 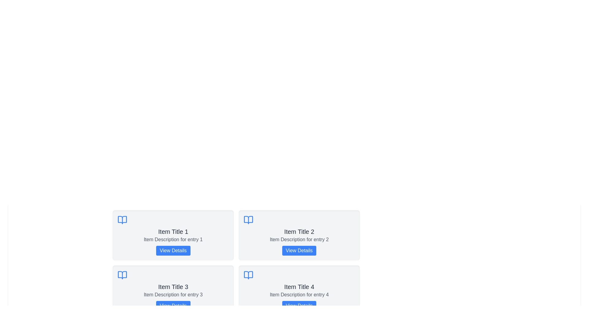 What do you see at coordinates (248, 219) in the screenshot?
I see `the icon representing information related to books or documentation in the top-right section of the card labeled 'Item Title 2'` at bounding box center [248, 219].